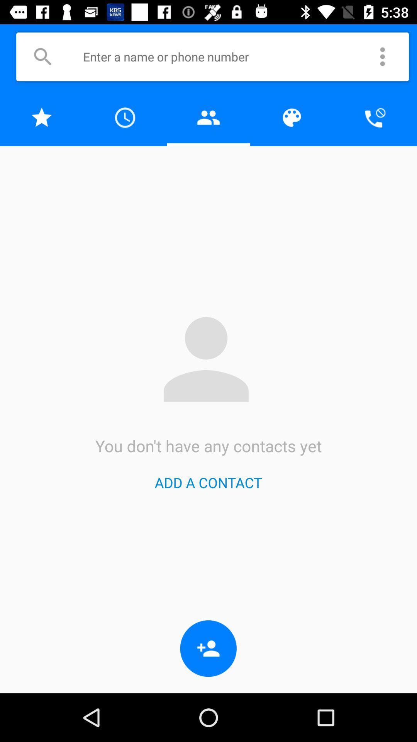 The image size is (417, 742). I want to click on name or number, so click(224, 56).